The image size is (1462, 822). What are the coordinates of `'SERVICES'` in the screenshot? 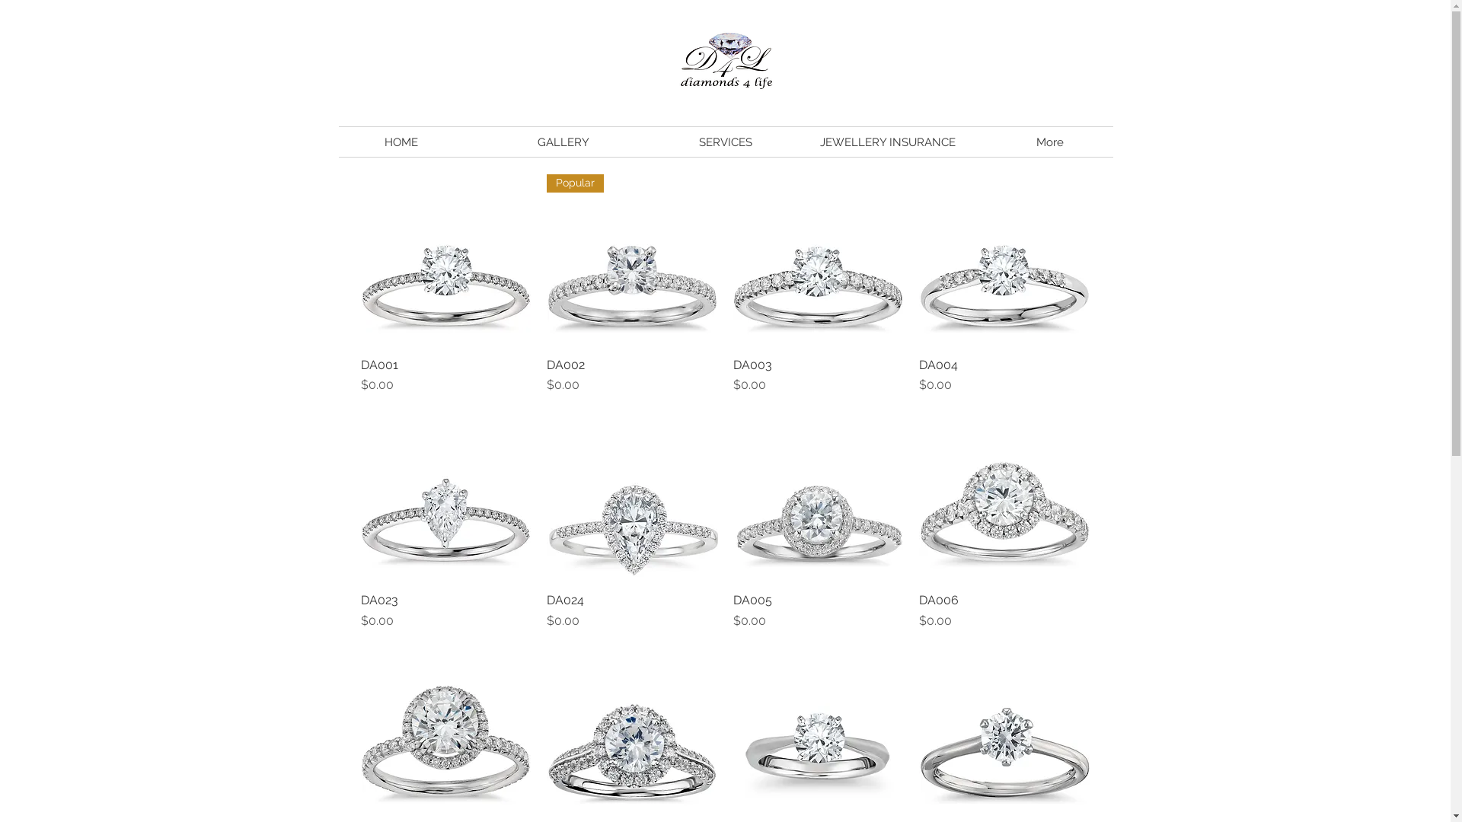 It's located at (643, 142).